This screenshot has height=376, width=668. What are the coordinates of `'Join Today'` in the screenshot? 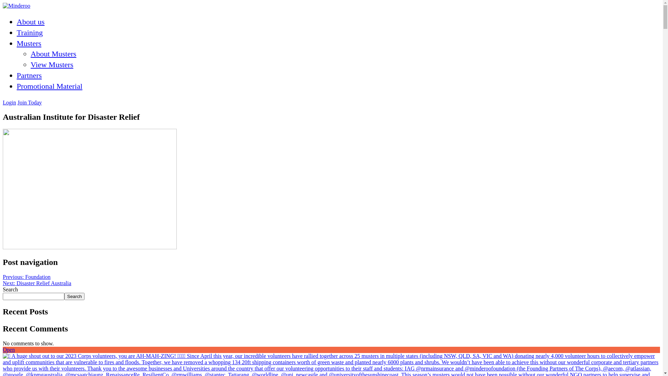 It's located at (29, 102).